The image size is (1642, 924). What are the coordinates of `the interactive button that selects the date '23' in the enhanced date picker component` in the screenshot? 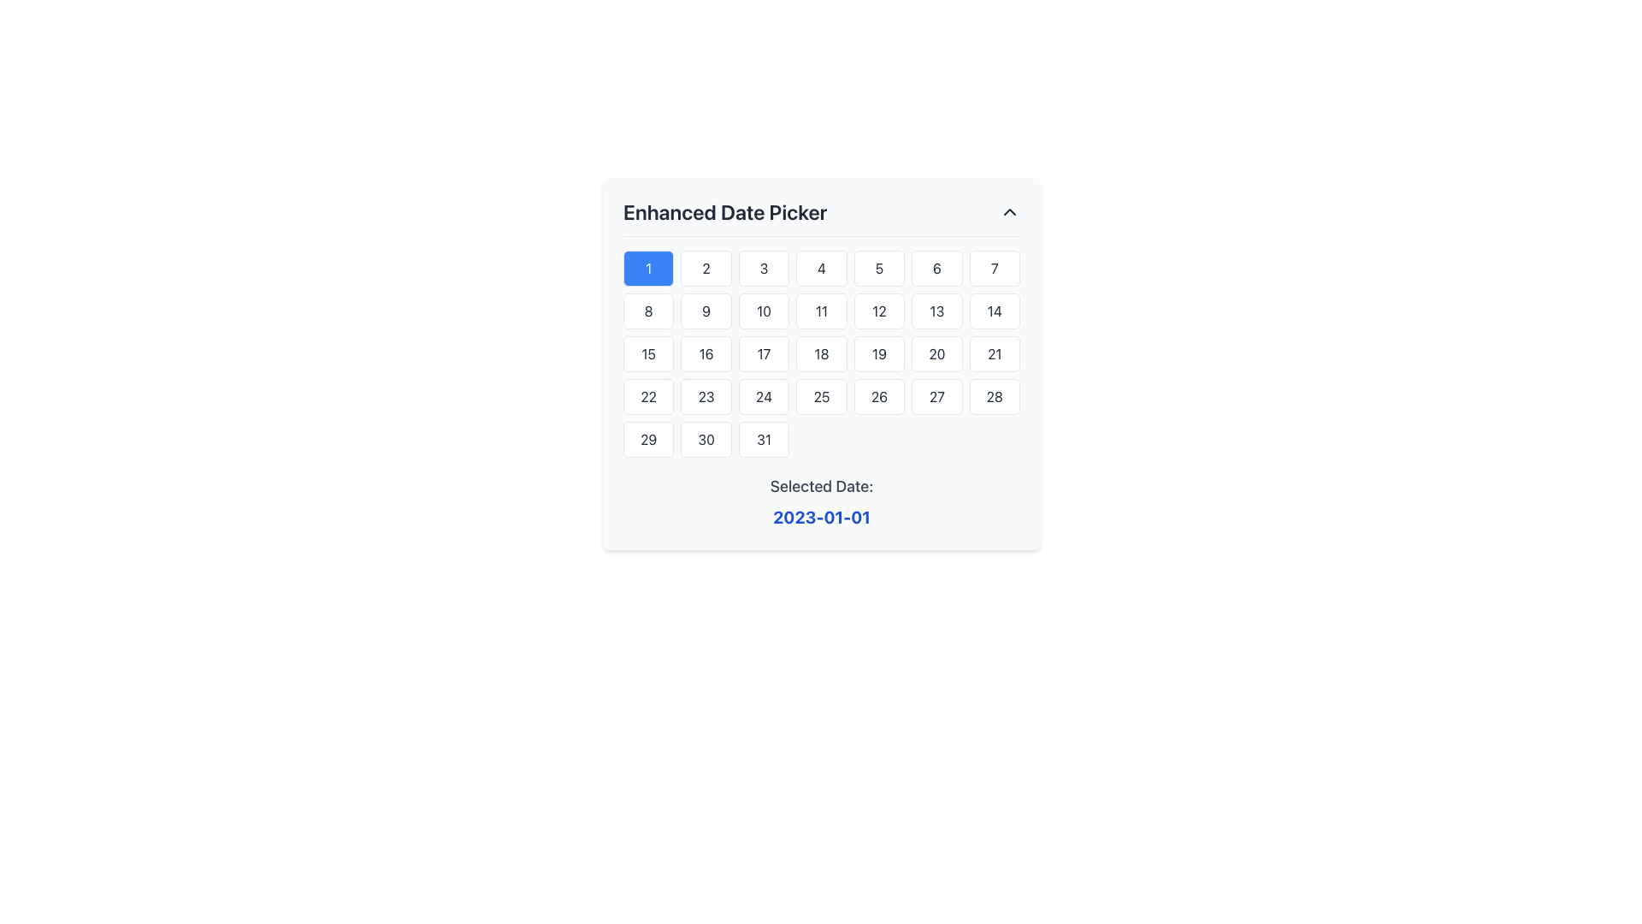 It's located at (706, 396).